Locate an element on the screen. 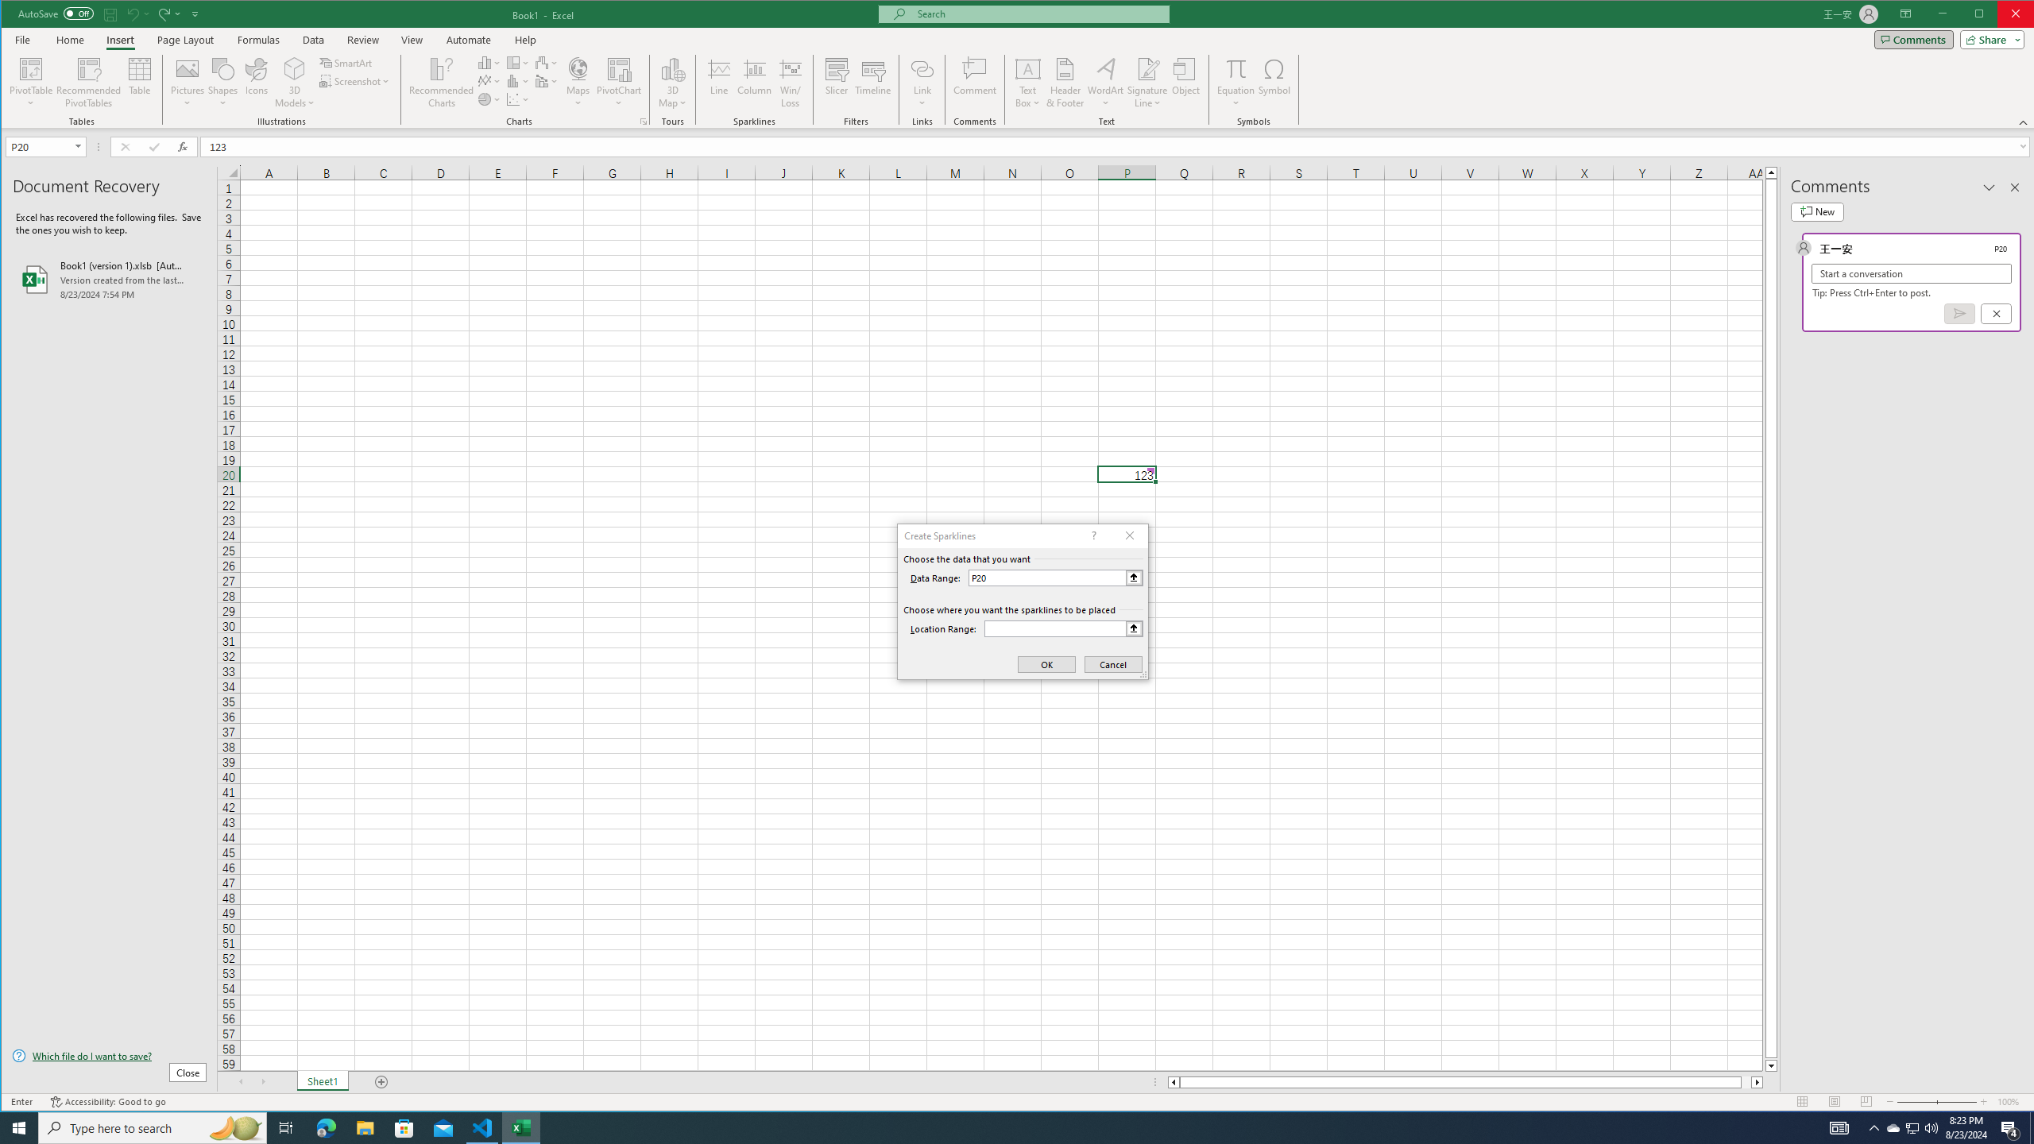  'Close pane' is located at coordinates (2014, 187).